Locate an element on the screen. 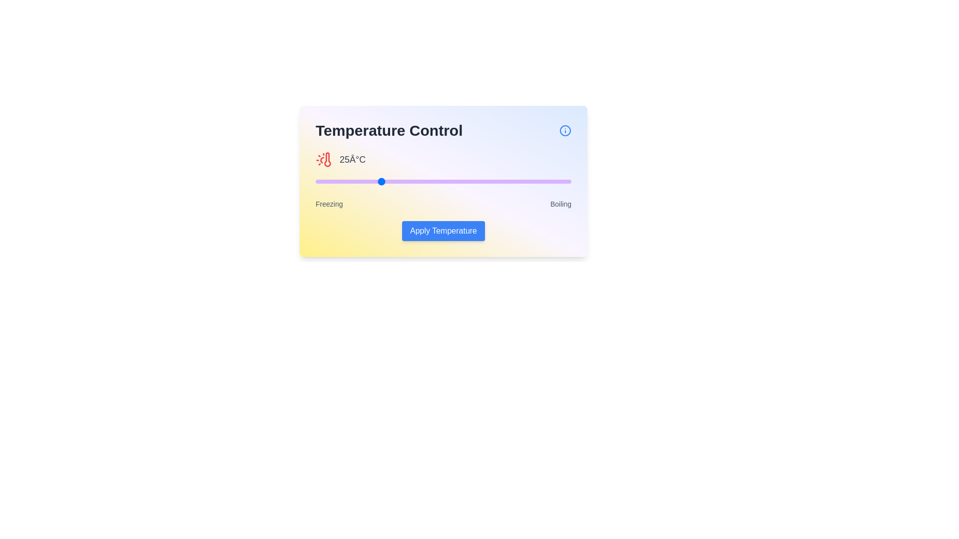 The width and height of the screenshot is (959, 539). the temperature slider to 38 percent is located at coordinates (413, 181).